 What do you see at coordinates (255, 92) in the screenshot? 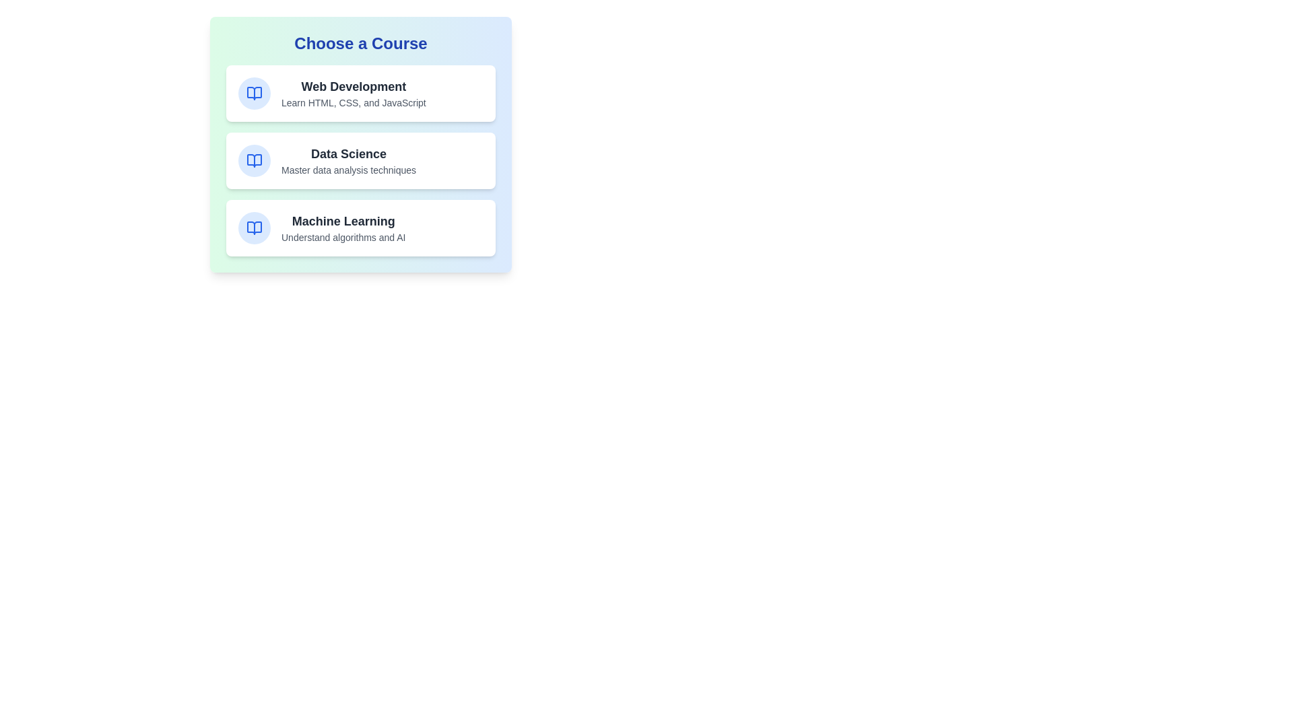
I see `the decorative icon representing the 'Web Development' course, located to the left of the text 'Web Development' and 'Learn HTML, CSS, and JavaScript'` at bounding box center [255, 92].